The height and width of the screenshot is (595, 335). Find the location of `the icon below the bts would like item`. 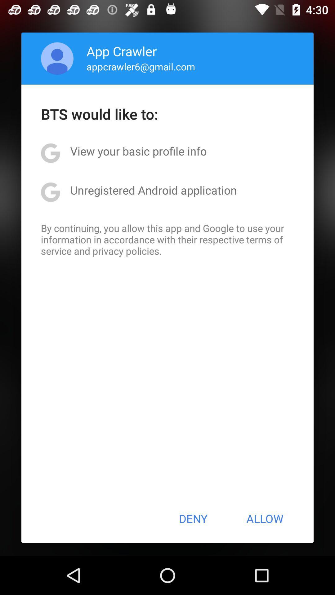

the icon below the bts would like item is located at coordinates (138, 151).